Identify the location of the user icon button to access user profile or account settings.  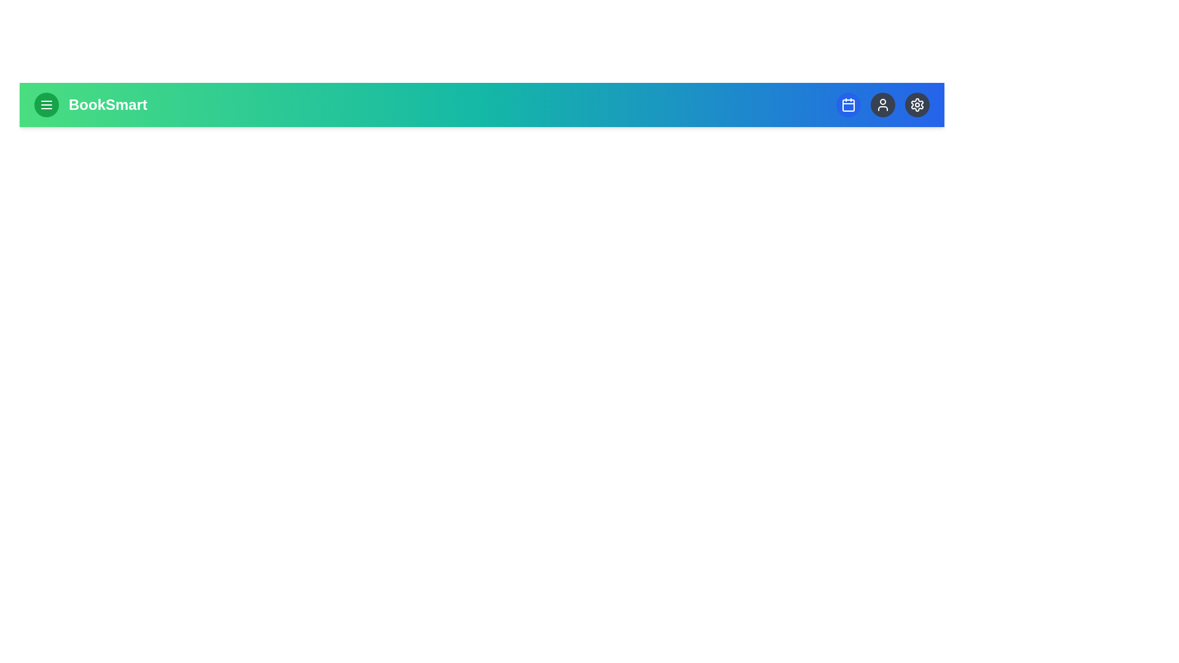
(882, 104).